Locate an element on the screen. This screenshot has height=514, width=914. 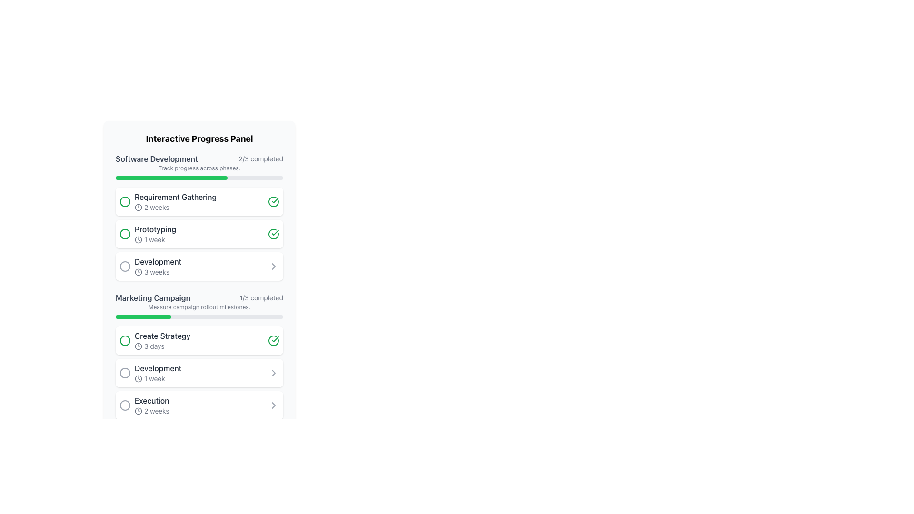
the Label with Icon element that displays 'Development' in bold and '3 weeks' in smaller font, located in the middle-left section of the Software Development progress panel is located at coordinates (150, 266).